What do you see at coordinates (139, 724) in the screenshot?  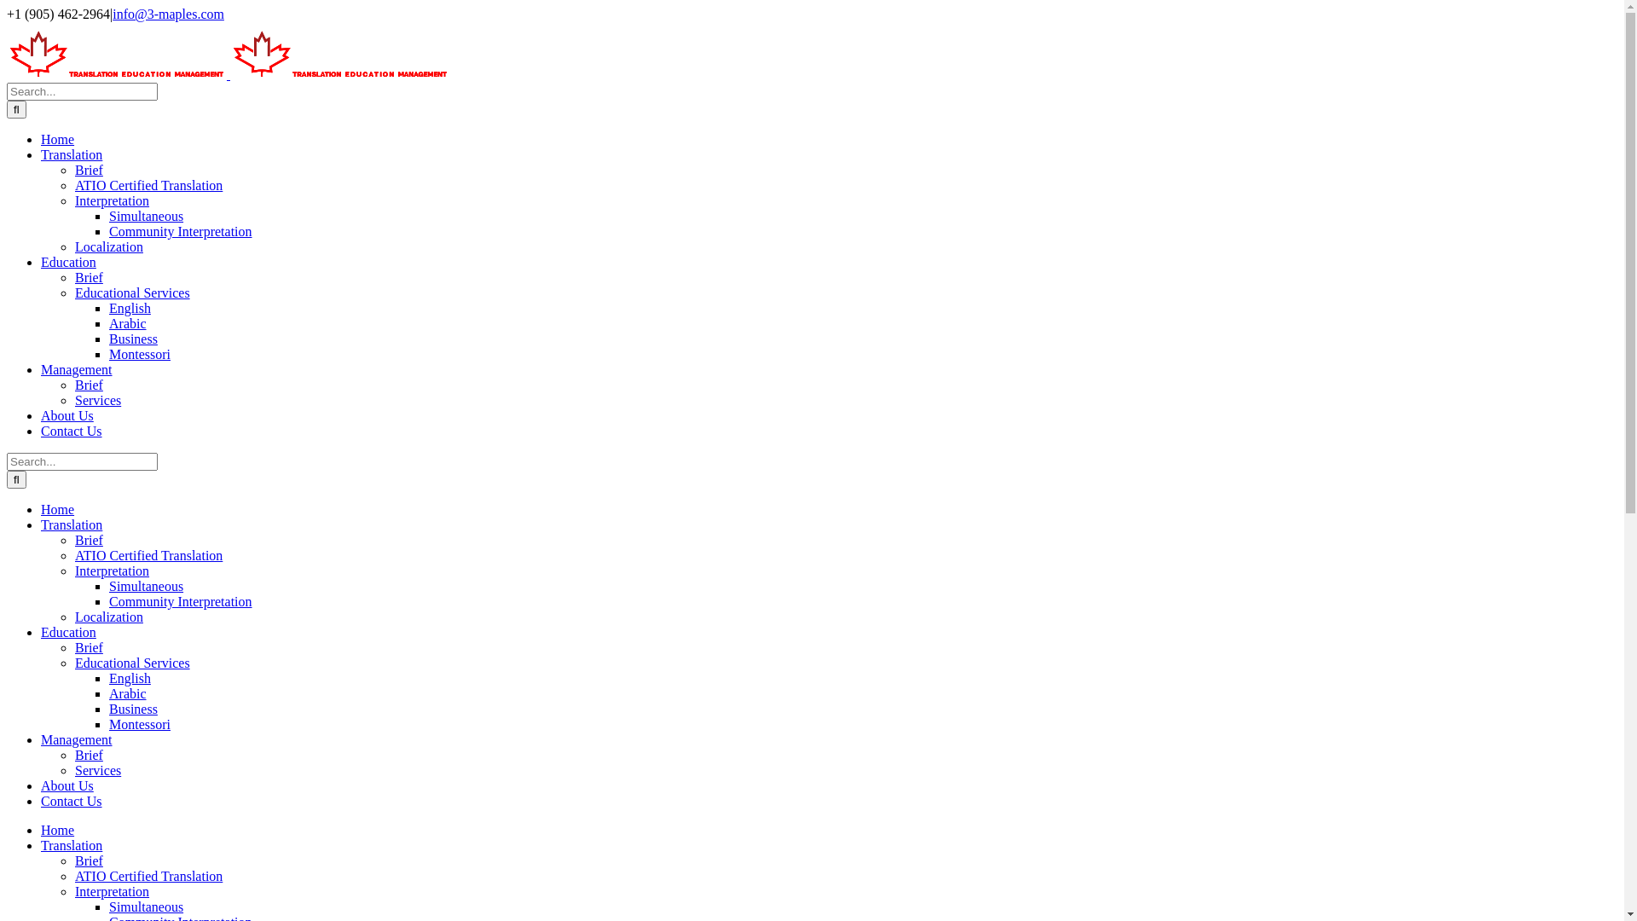 I see `'Montessori'` at bounding box center [139, 724].